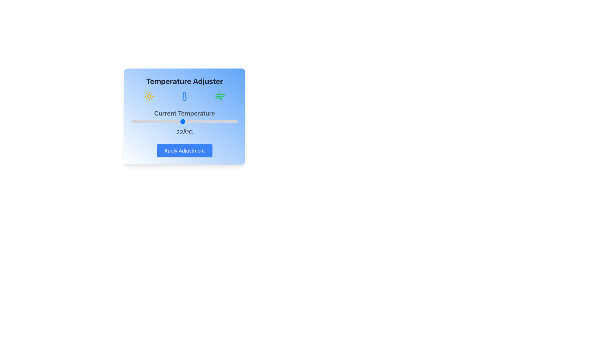  What do you see at coordinates (149, 96) in the screenshot?
I see `the sun icon in the upper-left area of the 'Temperature Adjuster' interface` at bounding box center [149, 96].